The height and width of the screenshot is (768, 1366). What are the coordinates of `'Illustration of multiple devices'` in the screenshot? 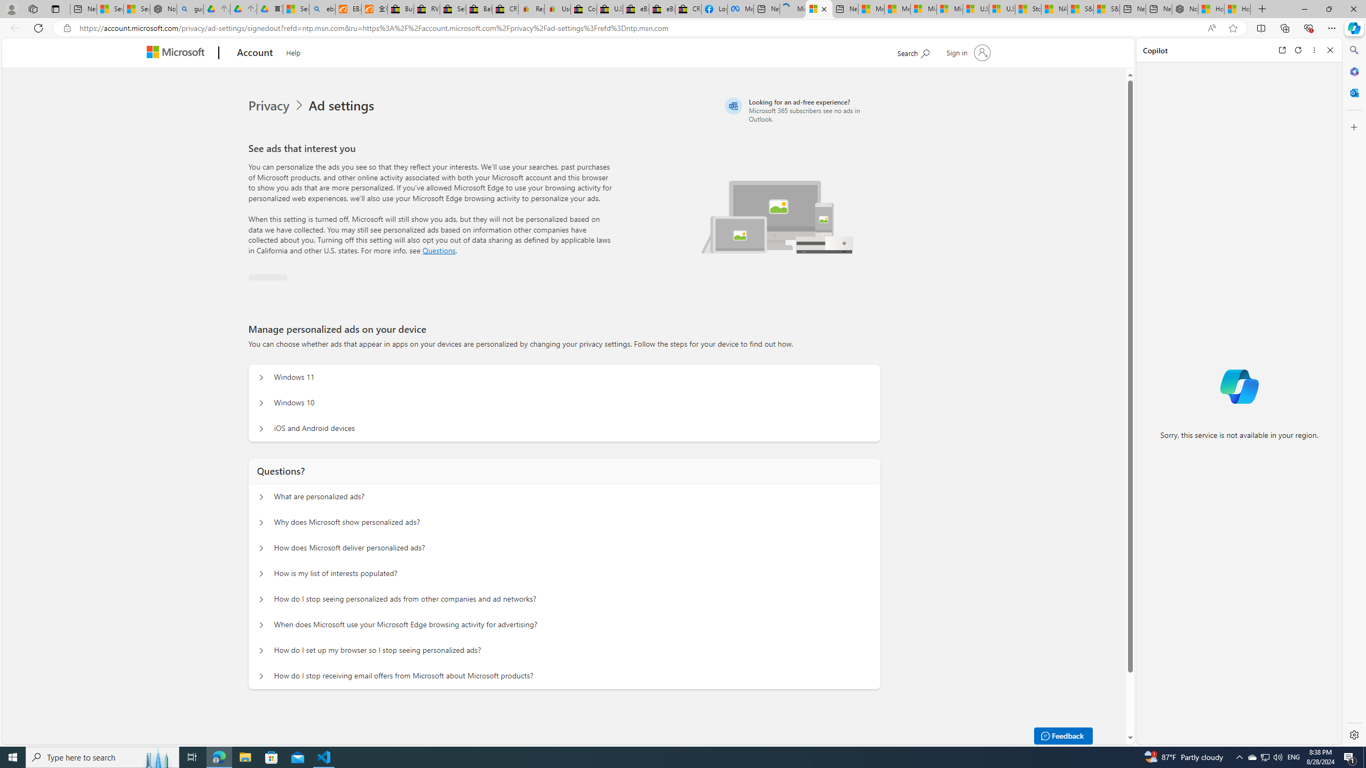 It's located at (777, 217).